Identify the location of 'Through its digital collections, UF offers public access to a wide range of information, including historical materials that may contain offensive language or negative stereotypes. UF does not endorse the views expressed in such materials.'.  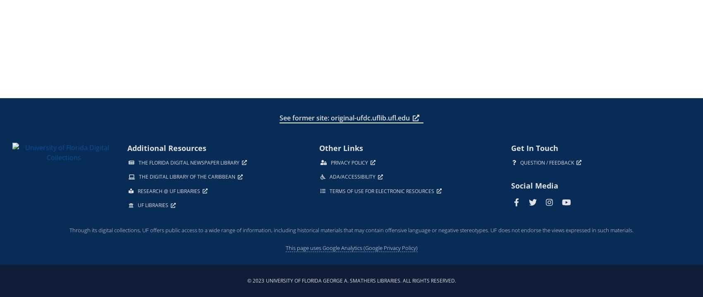
(351, 229).